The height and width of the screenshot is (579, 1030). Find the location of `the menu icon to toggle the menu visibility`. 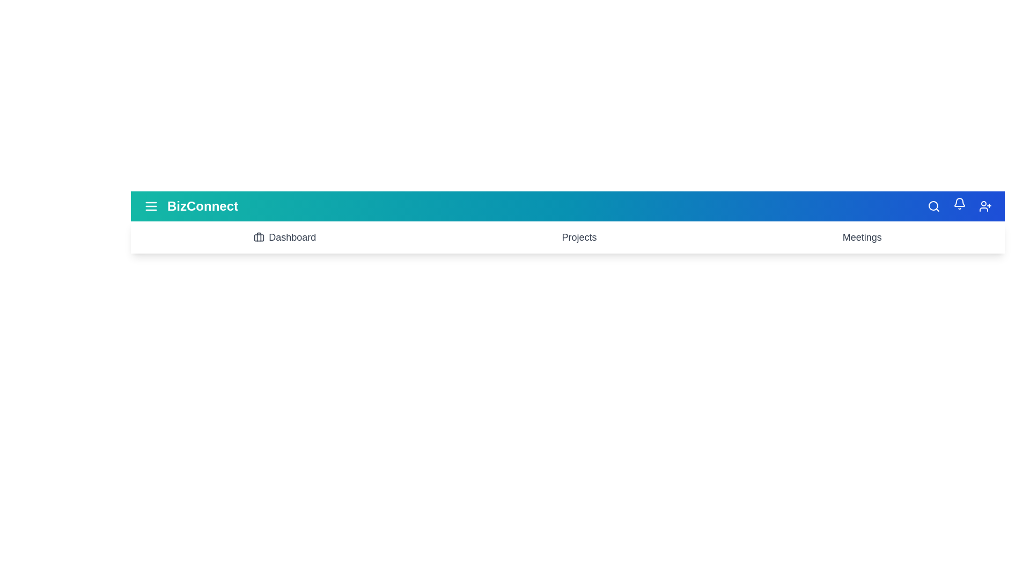

the menu icon to toggle the menu visibility is located at coordinates (151, 206).